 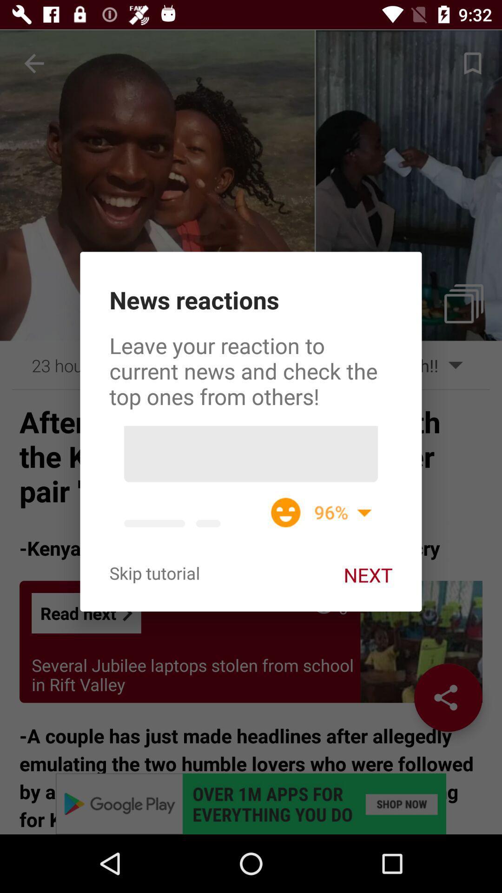 I want to click on item next to skip tutorial, so click(x=367, y=574).